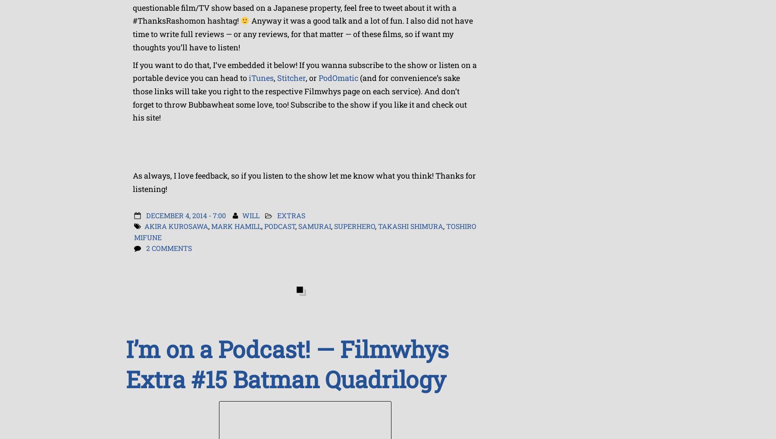 The image size is (776, 439). Describe the element at coordinates (299, 97) in the screenshot. I see `'(and for convenience’s sake those links will take you right to the respective Filmwhys page on each service). And don’t forget to throw Bubbawheat some love, too! Subscribe to the show if you like it and check out his site!'` at that location.